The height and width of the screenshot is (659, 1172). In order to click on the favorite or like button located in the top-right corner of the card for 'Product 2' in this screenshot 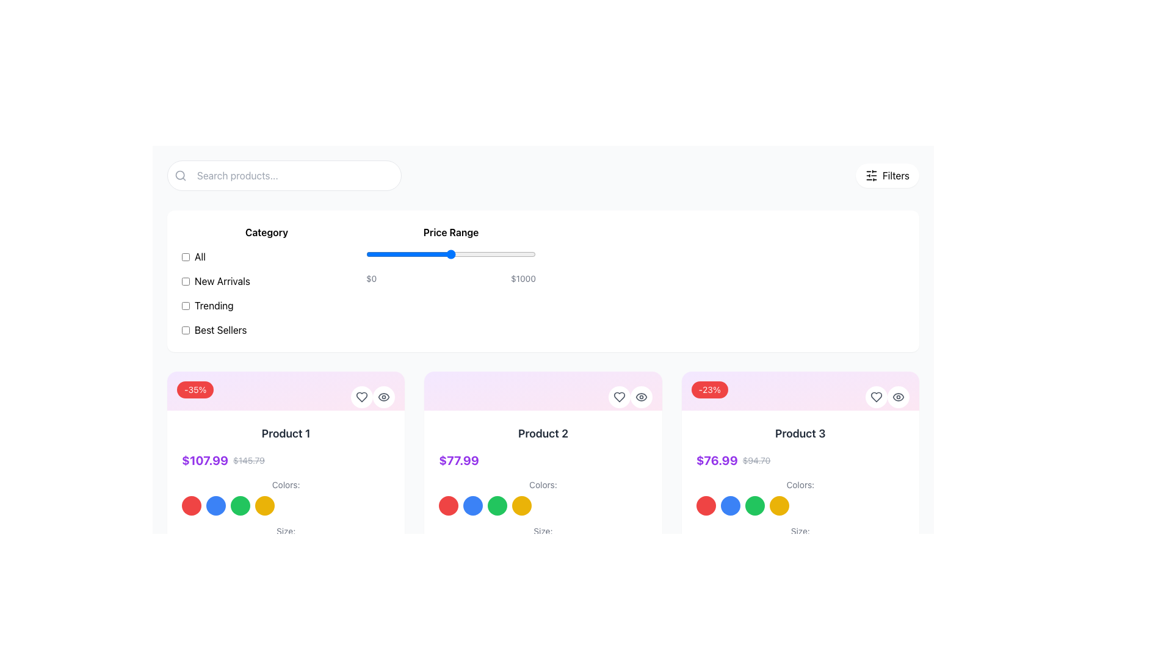, I will do `click(619, 397)`.